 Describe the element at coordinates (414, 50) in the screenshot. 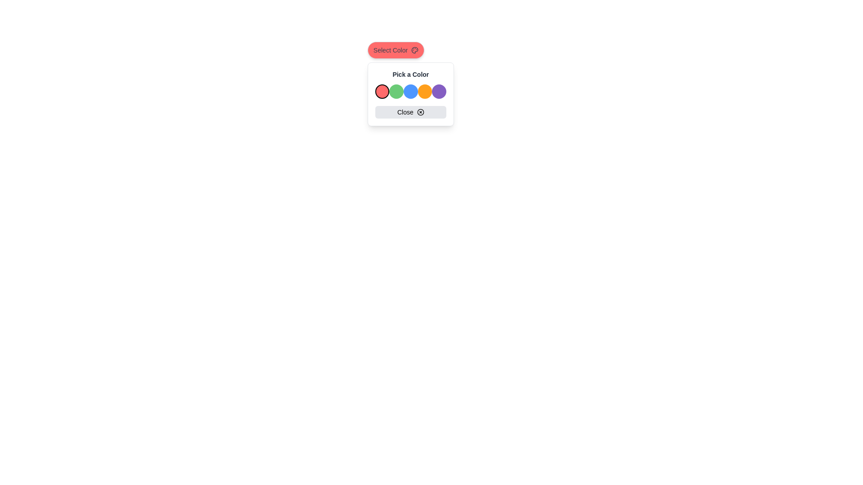

I see `the palette icon located next to the 'Select Color' label in the interface, which is part of a group of circular elements with a similar color scheme` at that location.